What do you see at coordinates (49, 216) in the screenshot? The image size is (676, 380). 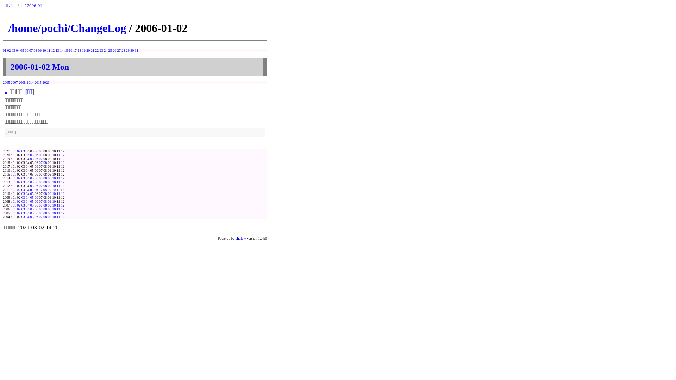 I see `'09'` at bounding box center [49, 216].